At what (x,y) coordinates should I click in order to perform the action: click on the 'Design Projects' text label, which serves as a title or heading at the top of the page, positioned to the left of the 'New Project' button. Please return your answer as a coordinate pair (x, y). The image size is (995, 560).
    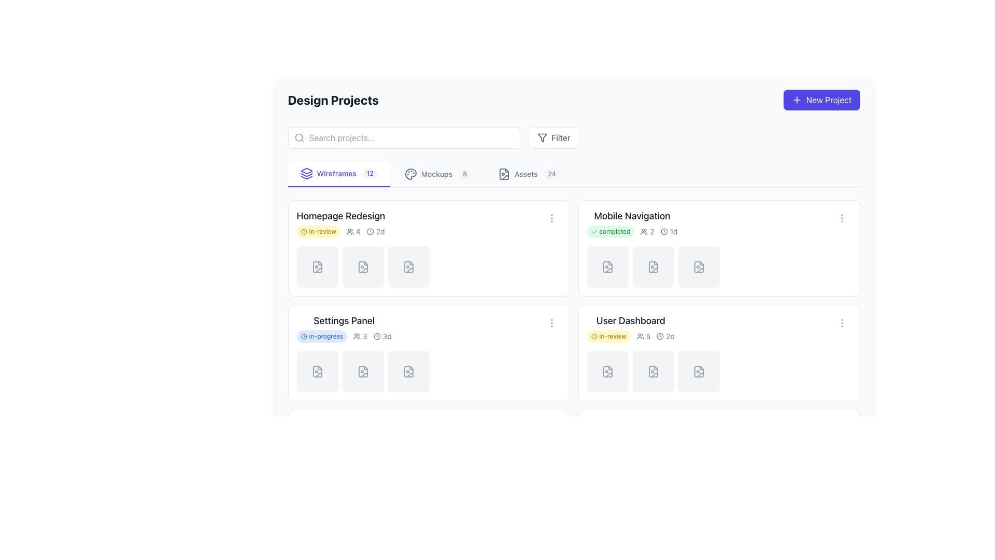
    Looking at the image, I should click on (333, 100).